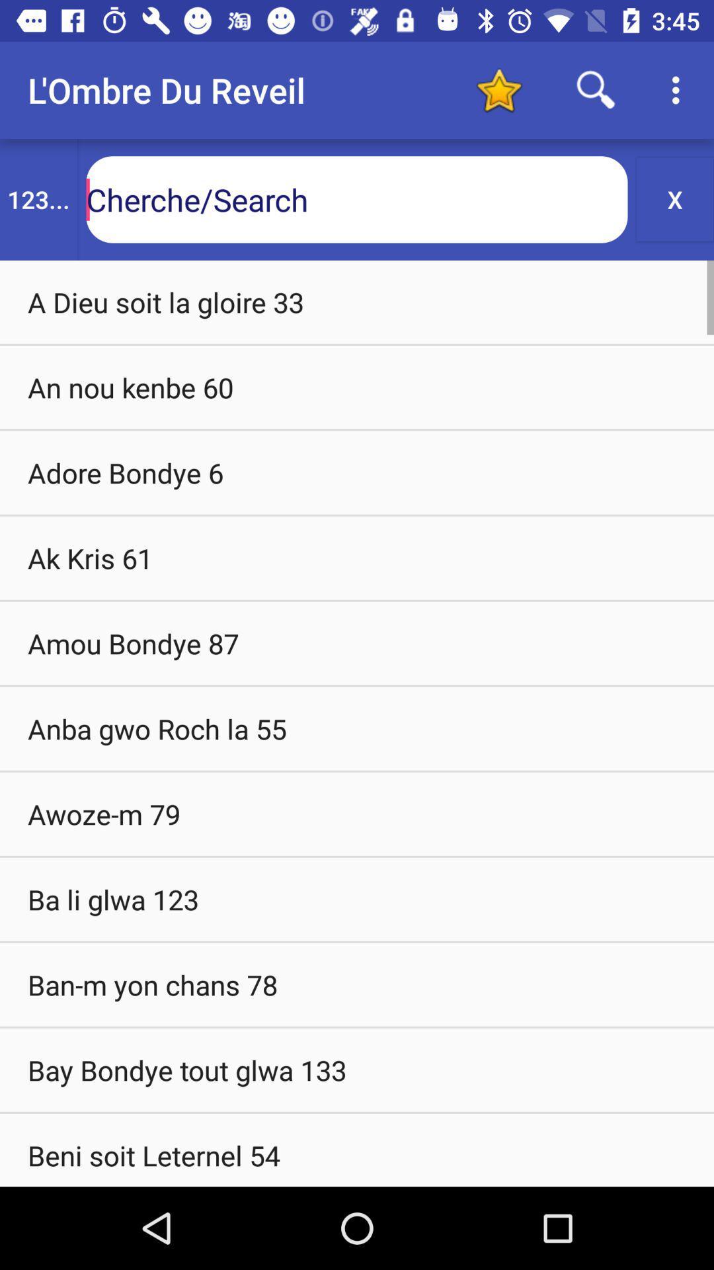 This screenshot has width=714, height=1270. Describe the element at coordinates (357, 643) in the screenshot. I see `item below the ak kris 61 item` at that location.